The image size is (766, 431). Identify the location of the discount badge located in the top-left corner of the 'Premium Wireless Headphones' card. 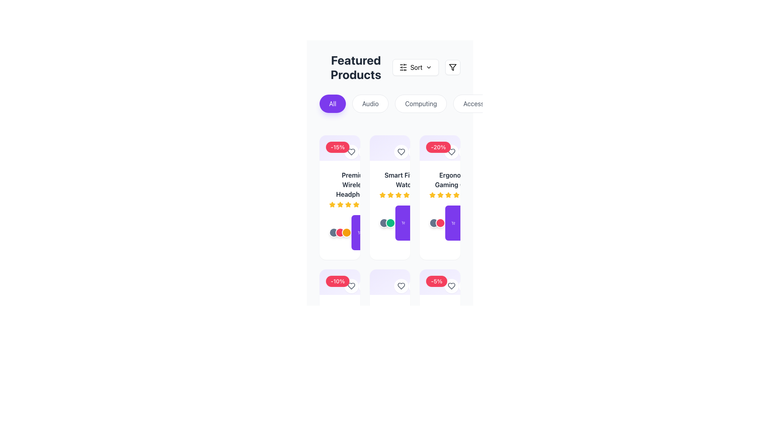
(340, 148).